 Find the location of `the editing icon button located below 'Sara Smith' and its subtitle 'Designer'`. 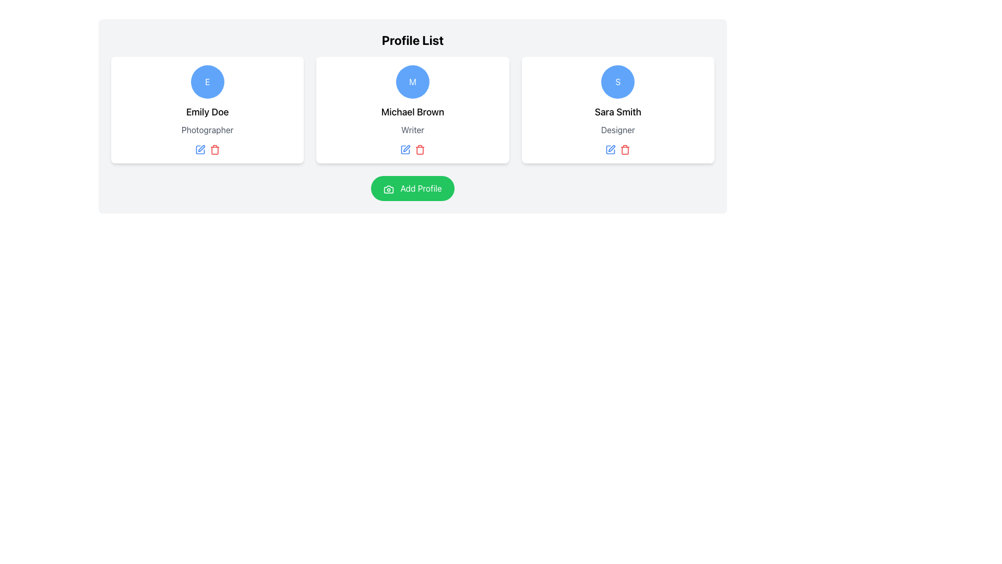

the editing icon button located below 'Sara Smith' and its subtitle 'Designer' is located at coordinates (611, 149).